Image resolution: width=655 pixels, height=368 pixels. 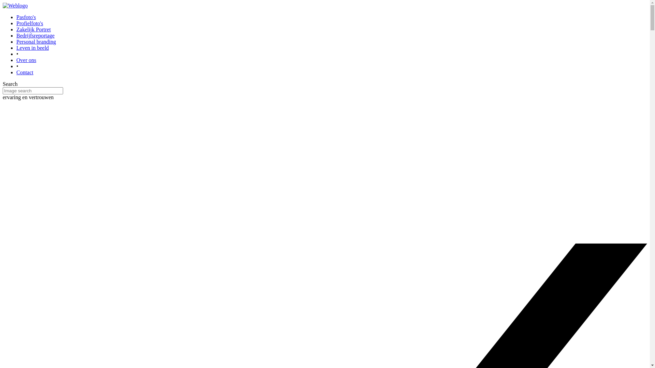 What do you see at coordinates (16, 60) in the screenshot?
I see `'Over ons'` at bounding box center [16, 60].